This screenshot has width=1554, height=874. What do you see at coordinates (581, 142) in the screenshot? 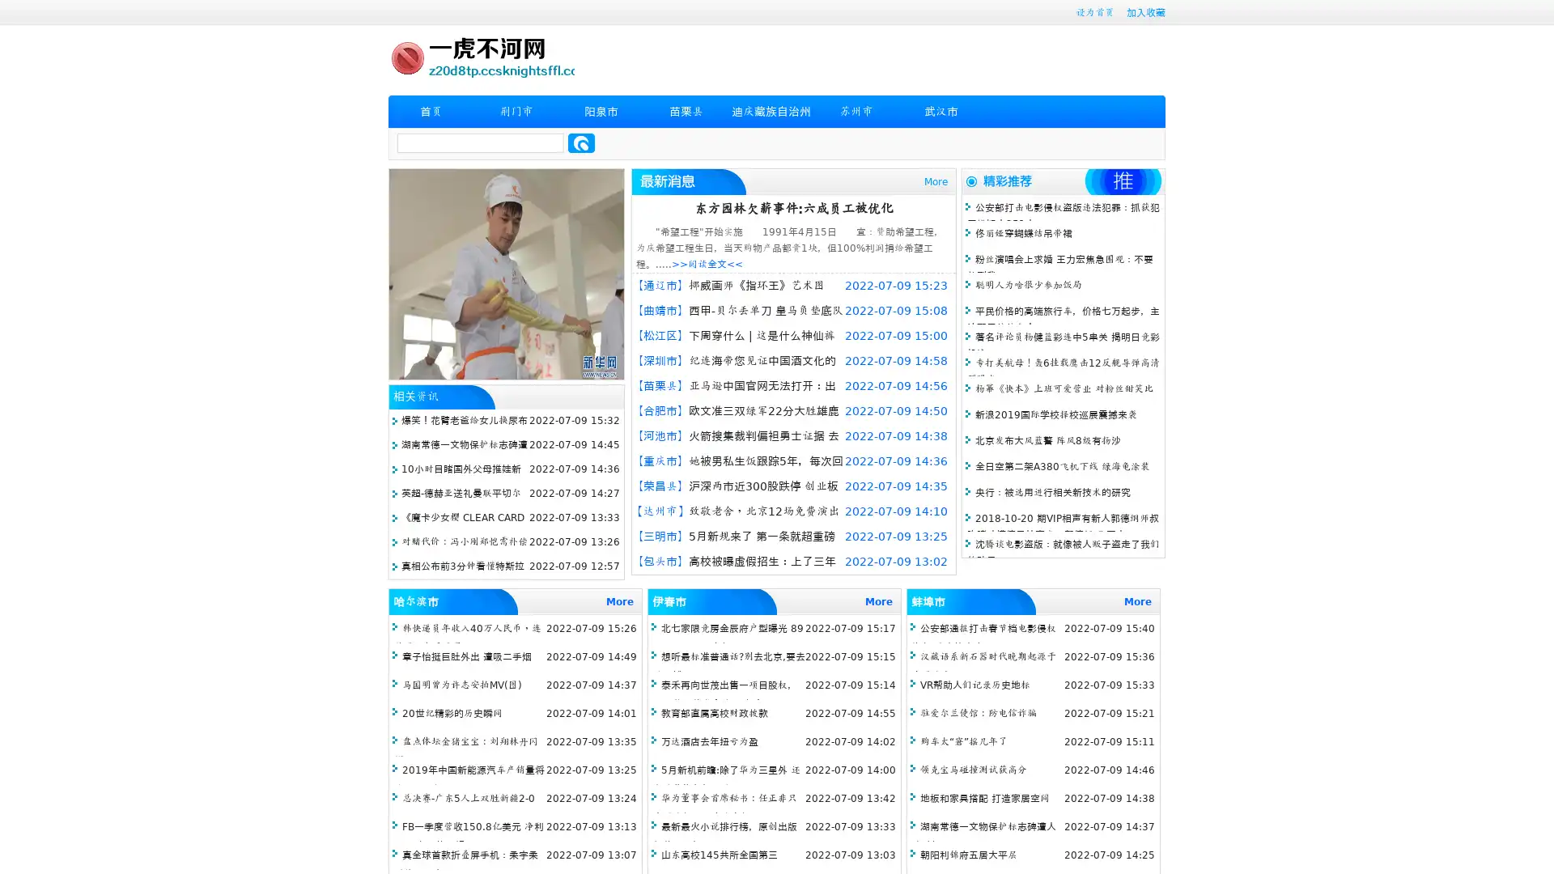
I see `Search` at bounding box center [581, 142].